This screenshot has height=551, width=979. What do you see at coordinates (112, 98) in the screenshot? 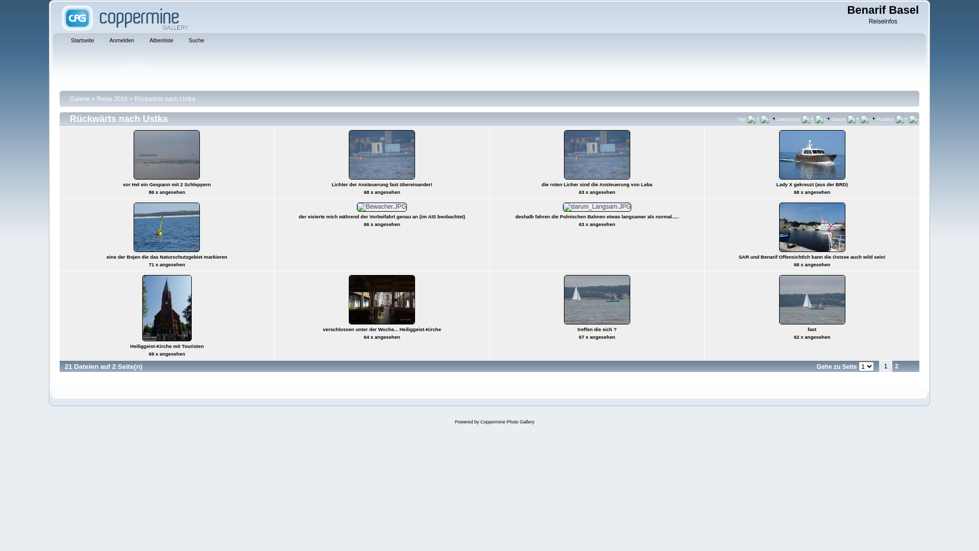
I see `'Reise 2016'` at bounding box center [112, 98].